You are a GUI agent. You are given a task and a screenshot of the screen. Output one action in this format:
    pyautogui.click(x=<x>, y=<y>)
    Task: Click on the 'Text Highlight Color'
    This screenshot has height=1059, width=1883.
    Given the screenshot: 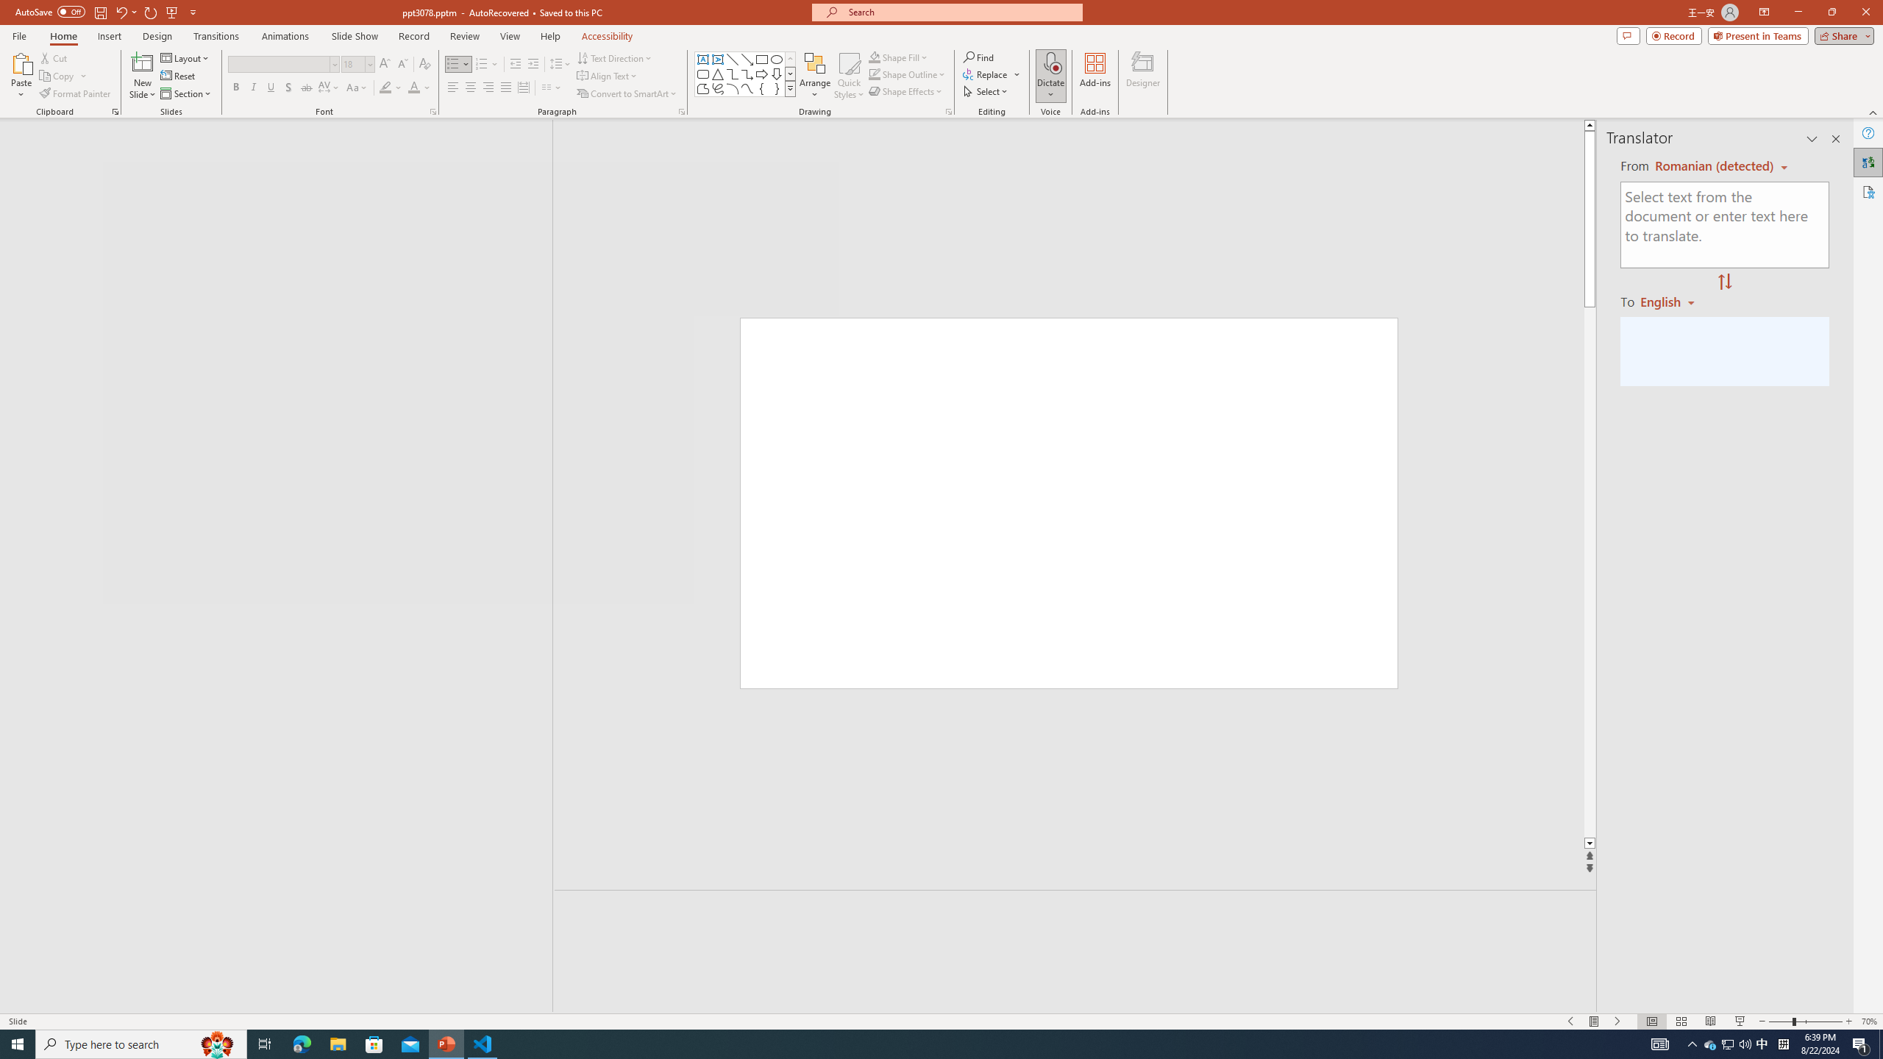 What is the action you would take?
    pyautogui.click(x=390, y=87)
    